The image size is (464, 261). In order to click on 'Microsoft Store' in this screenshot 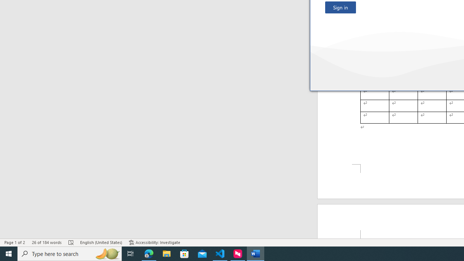, I will do `click(185, 253)`.